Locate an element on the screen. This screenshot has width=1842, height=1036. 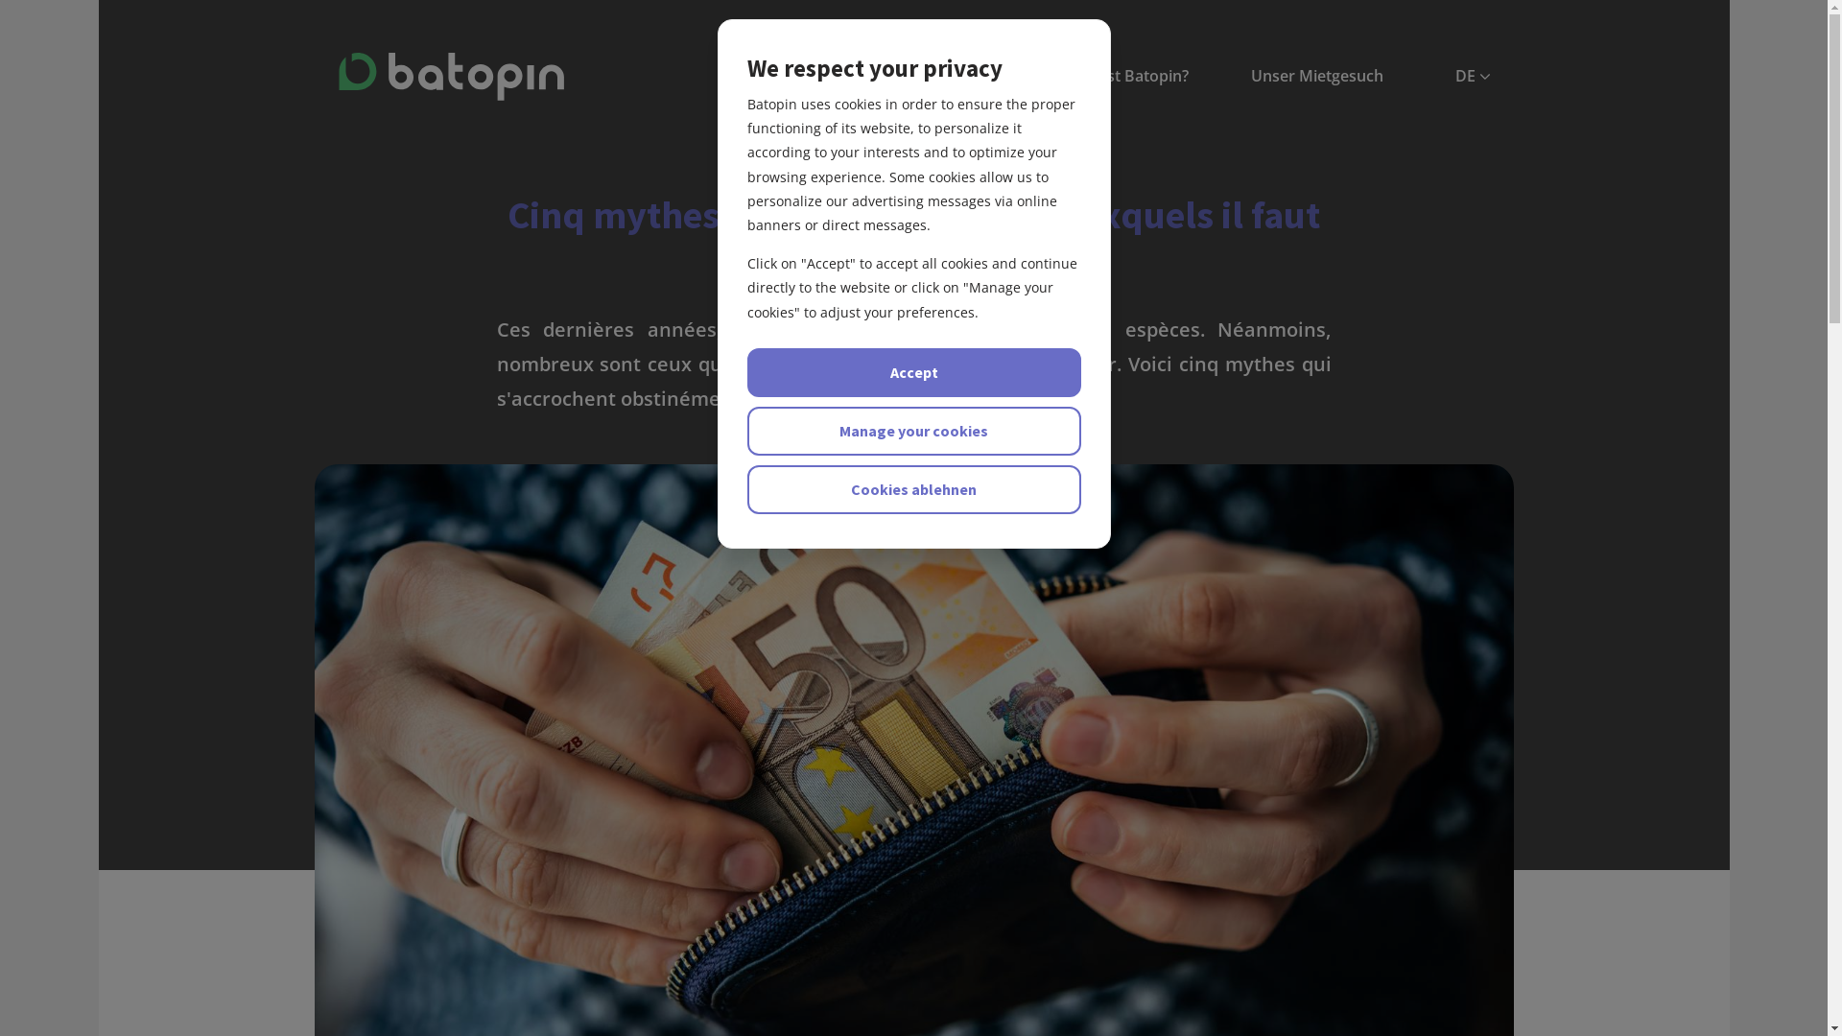
'News' is located at coordinates (769, 75).